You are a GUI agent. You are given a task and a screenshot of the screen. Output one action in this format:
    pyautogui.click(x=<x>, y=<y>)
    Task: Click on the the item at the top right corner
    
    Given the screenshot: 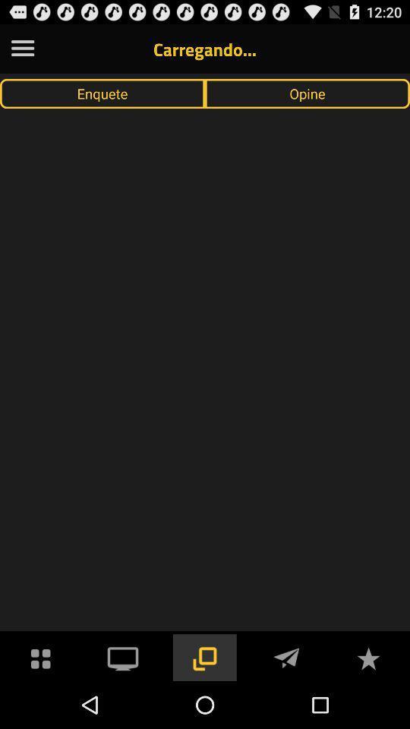 What is the action you would take?
    pyautogui.click(x=307, y=93)
    